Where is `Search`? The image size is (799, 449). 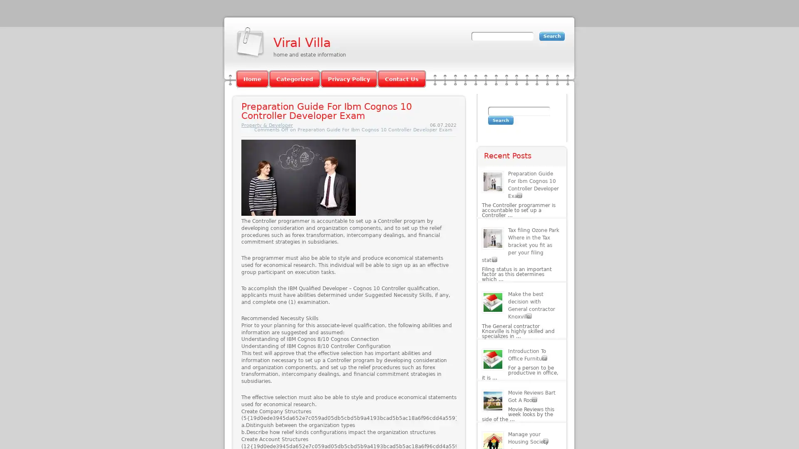
Search is located at coordinates (500, 120).